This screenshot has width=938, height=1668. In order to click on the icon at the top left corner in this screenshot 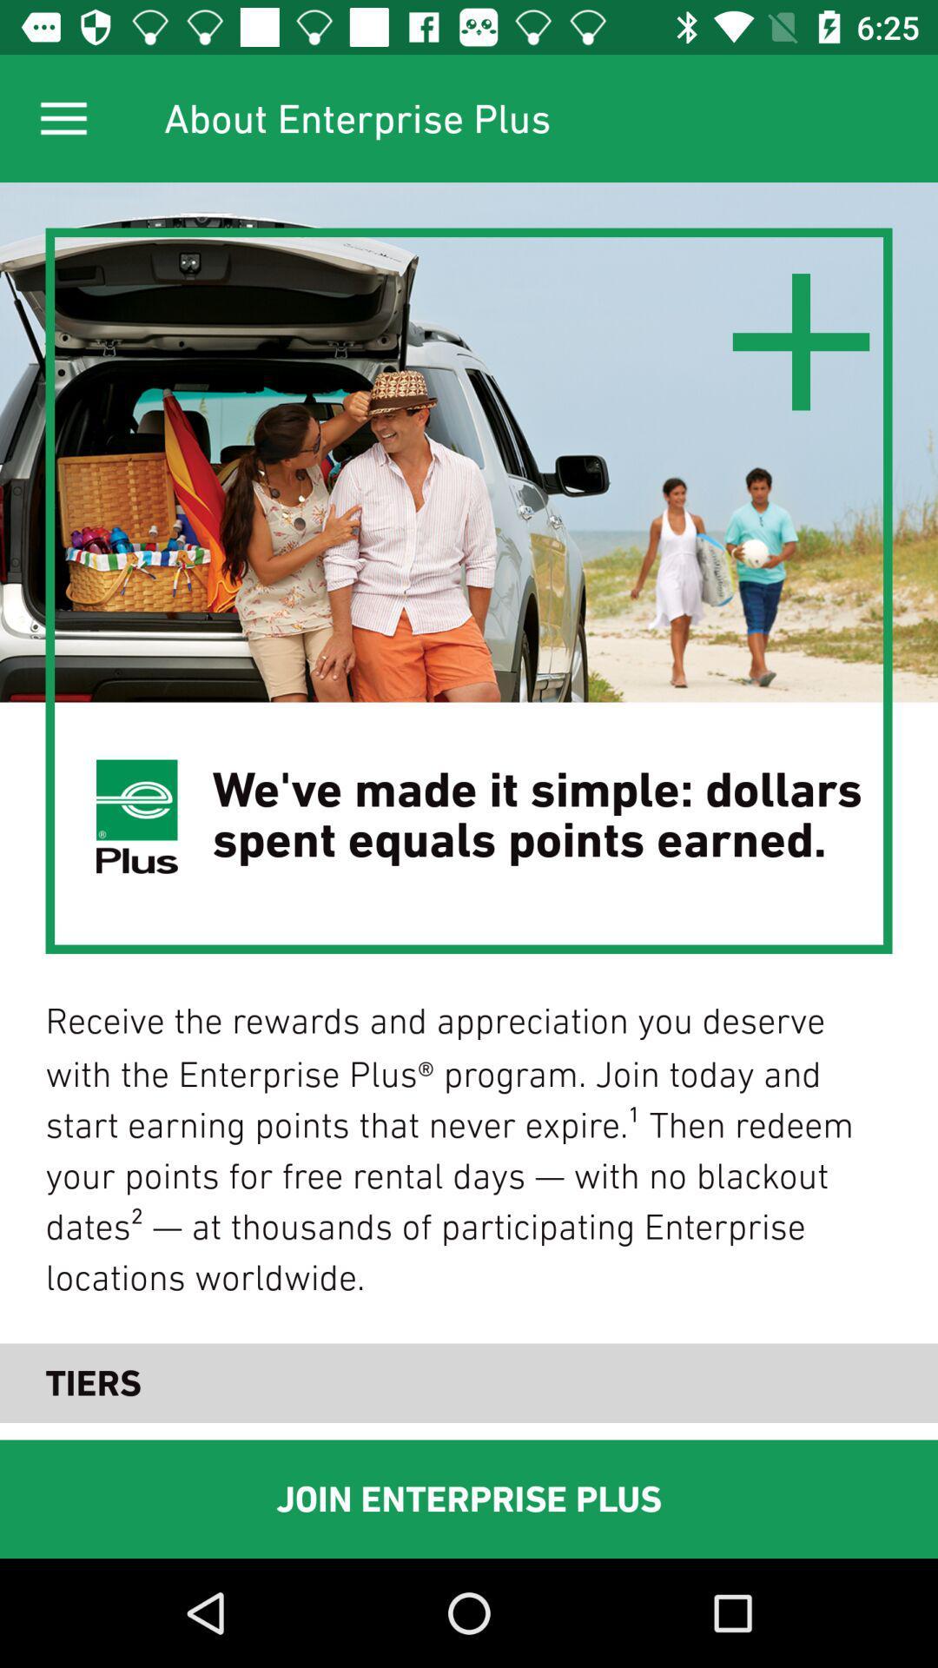, I will do `click(63, 117)`.